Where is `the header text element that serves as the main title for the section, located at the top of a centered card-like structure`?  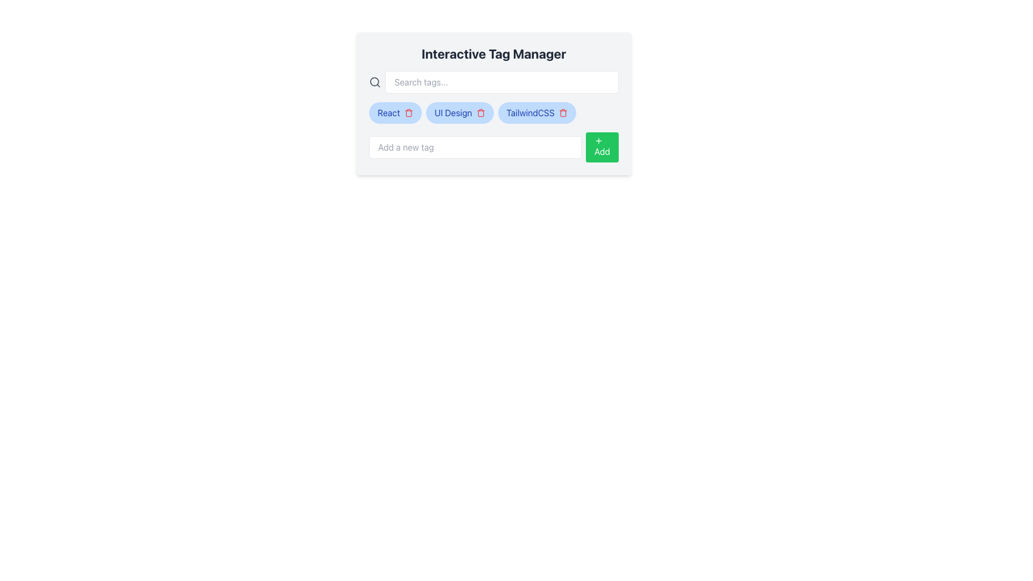
the header text element that serves as the main title for the section, located at the top of a centered card-like structure is located at coordinates (493, 54).